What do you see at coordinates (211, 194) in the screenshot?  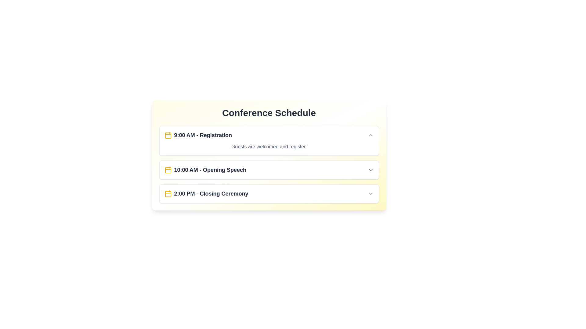 I see `the text label displaying the schedule time '2:00 PM - Closing Ceremony', which is bold and prominently placed in the third row of the schedule list` at bounding box center [211, 194].